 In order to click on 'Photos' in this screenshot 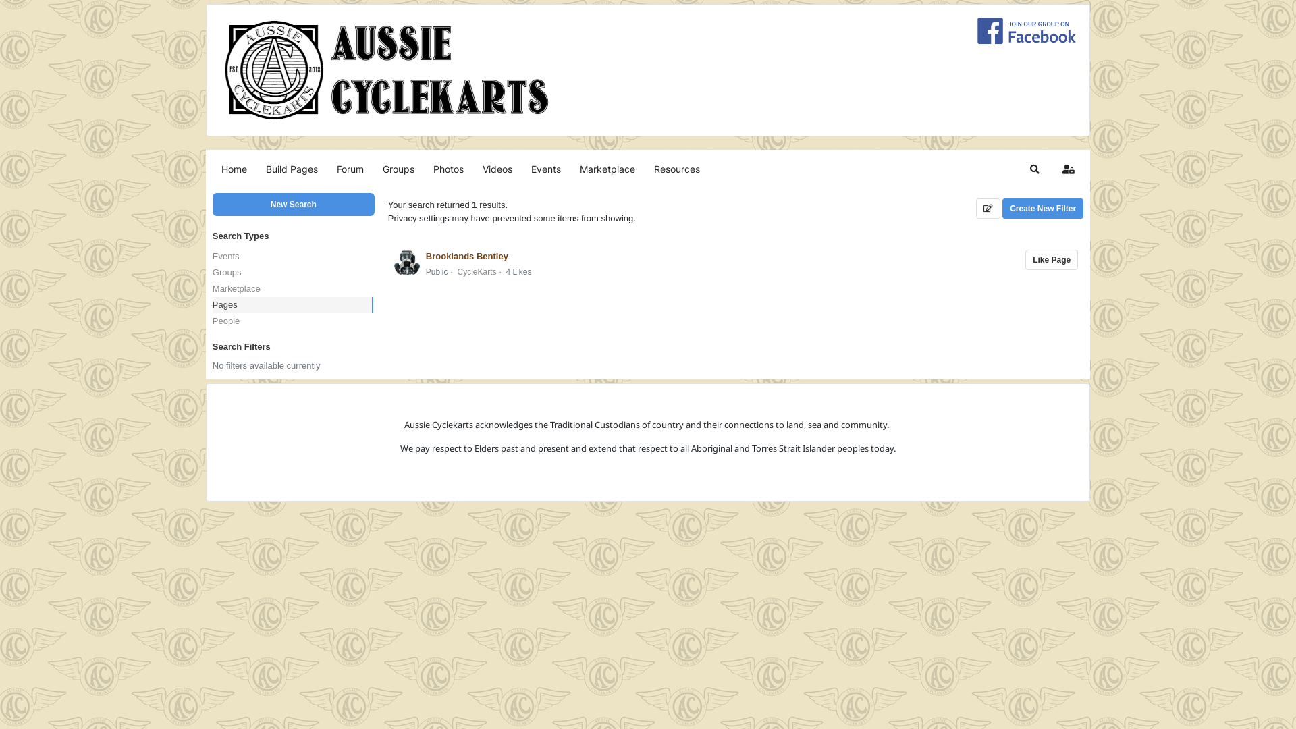, I will do `click(448, 168)`.